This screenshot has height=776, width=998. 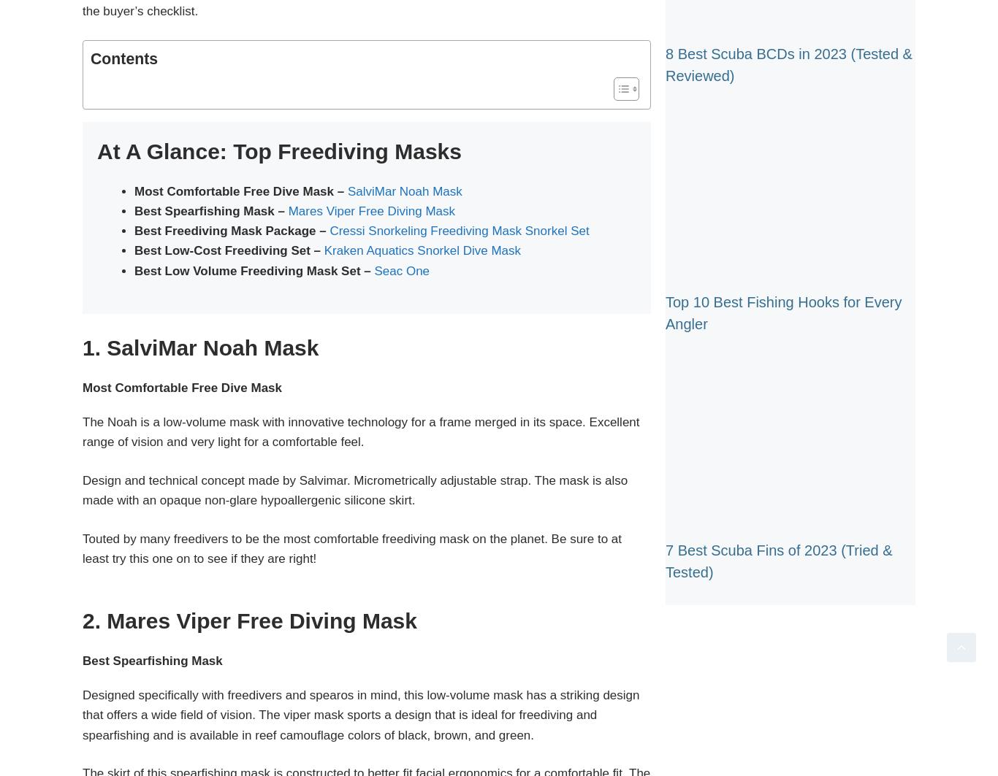 What do you see at coordinates (94, 347) in the screenshot?
I see `'1.'` at bounding box center [94, 347].